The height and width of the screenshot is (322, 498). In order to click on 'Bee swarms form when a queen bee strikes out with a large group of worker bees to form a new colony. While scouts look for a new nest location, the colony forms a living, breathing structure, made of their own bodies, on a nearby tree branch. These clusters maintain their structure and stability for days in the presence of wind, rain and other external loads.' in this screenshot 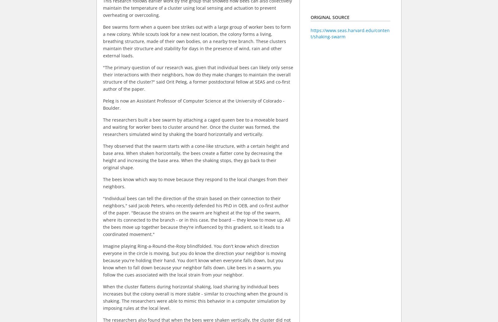, I will do `click(197, 41)`.